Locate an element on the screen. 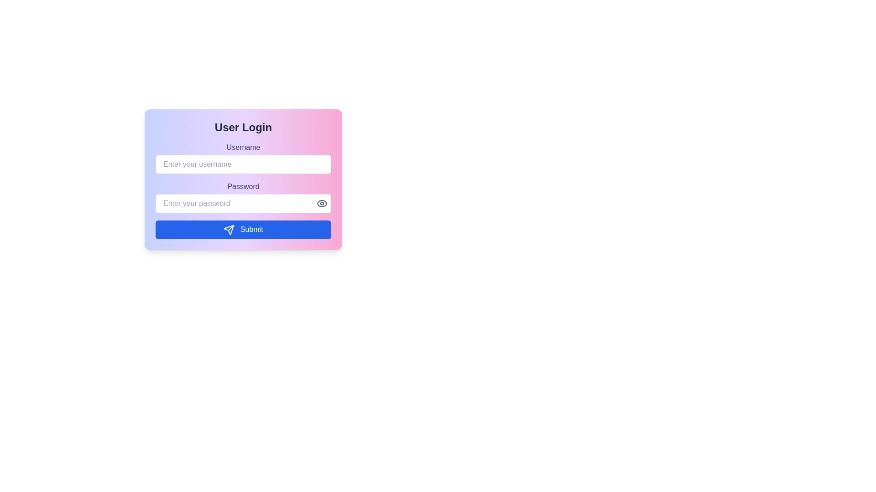 This screenshot has height=492, width=876. the visibility toggle button for the password input field is located at coordinates (322, 203).